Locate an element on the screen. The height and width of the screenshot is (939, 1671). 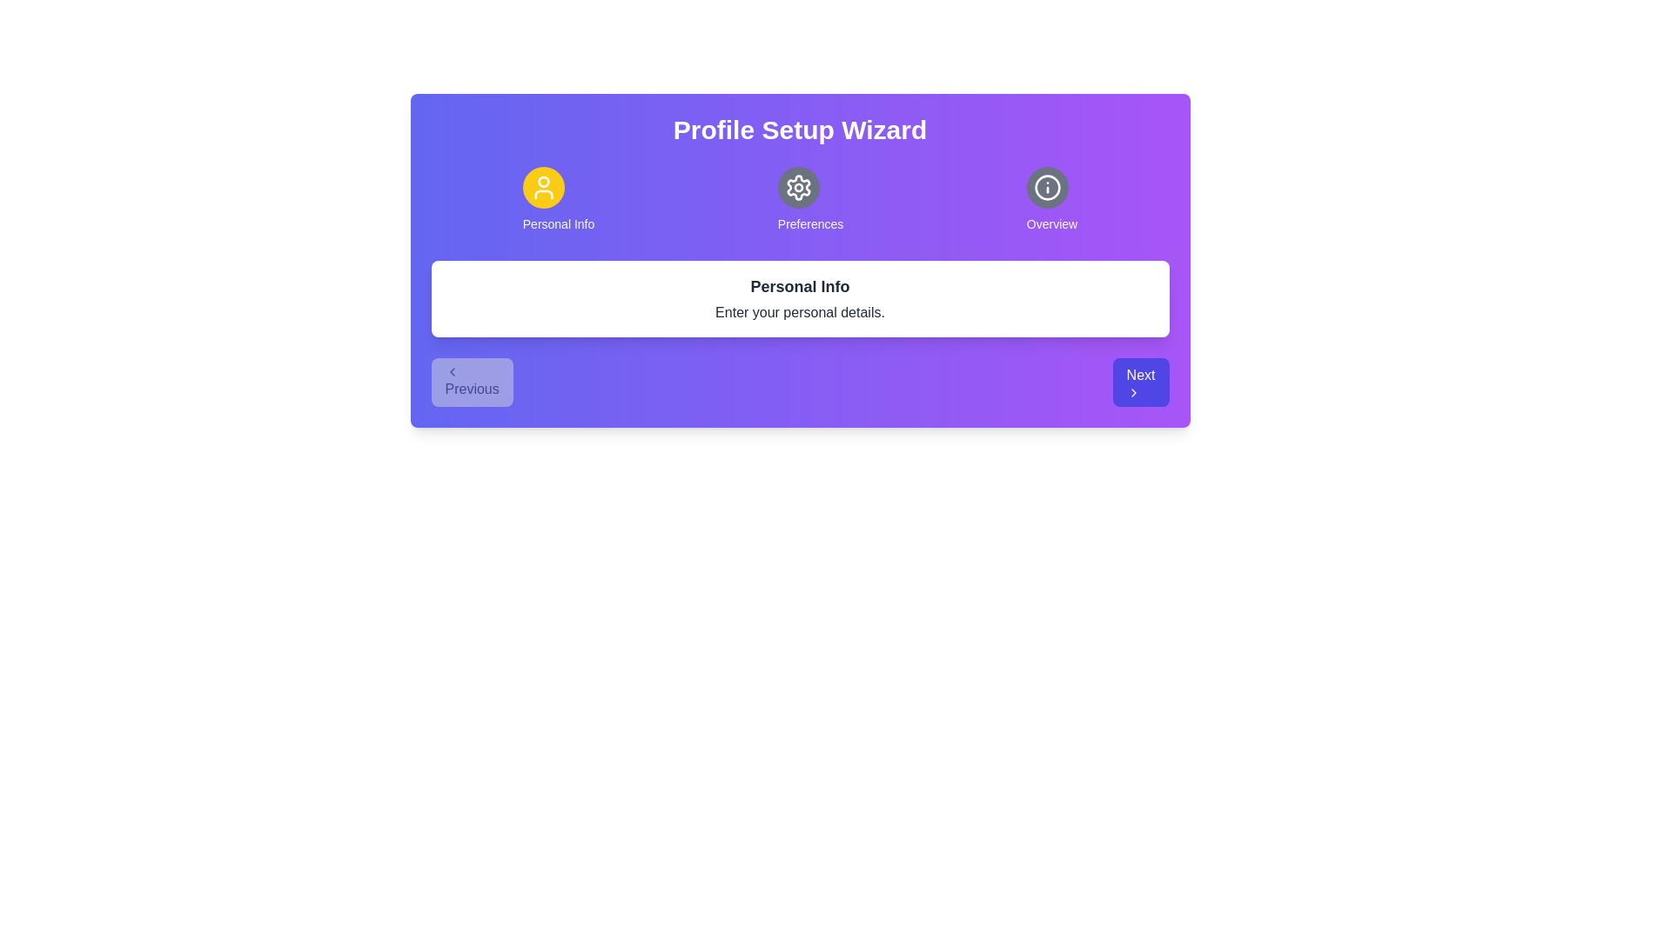
the step indicator for Preferences to view its content is located at coordinates (809, 199).